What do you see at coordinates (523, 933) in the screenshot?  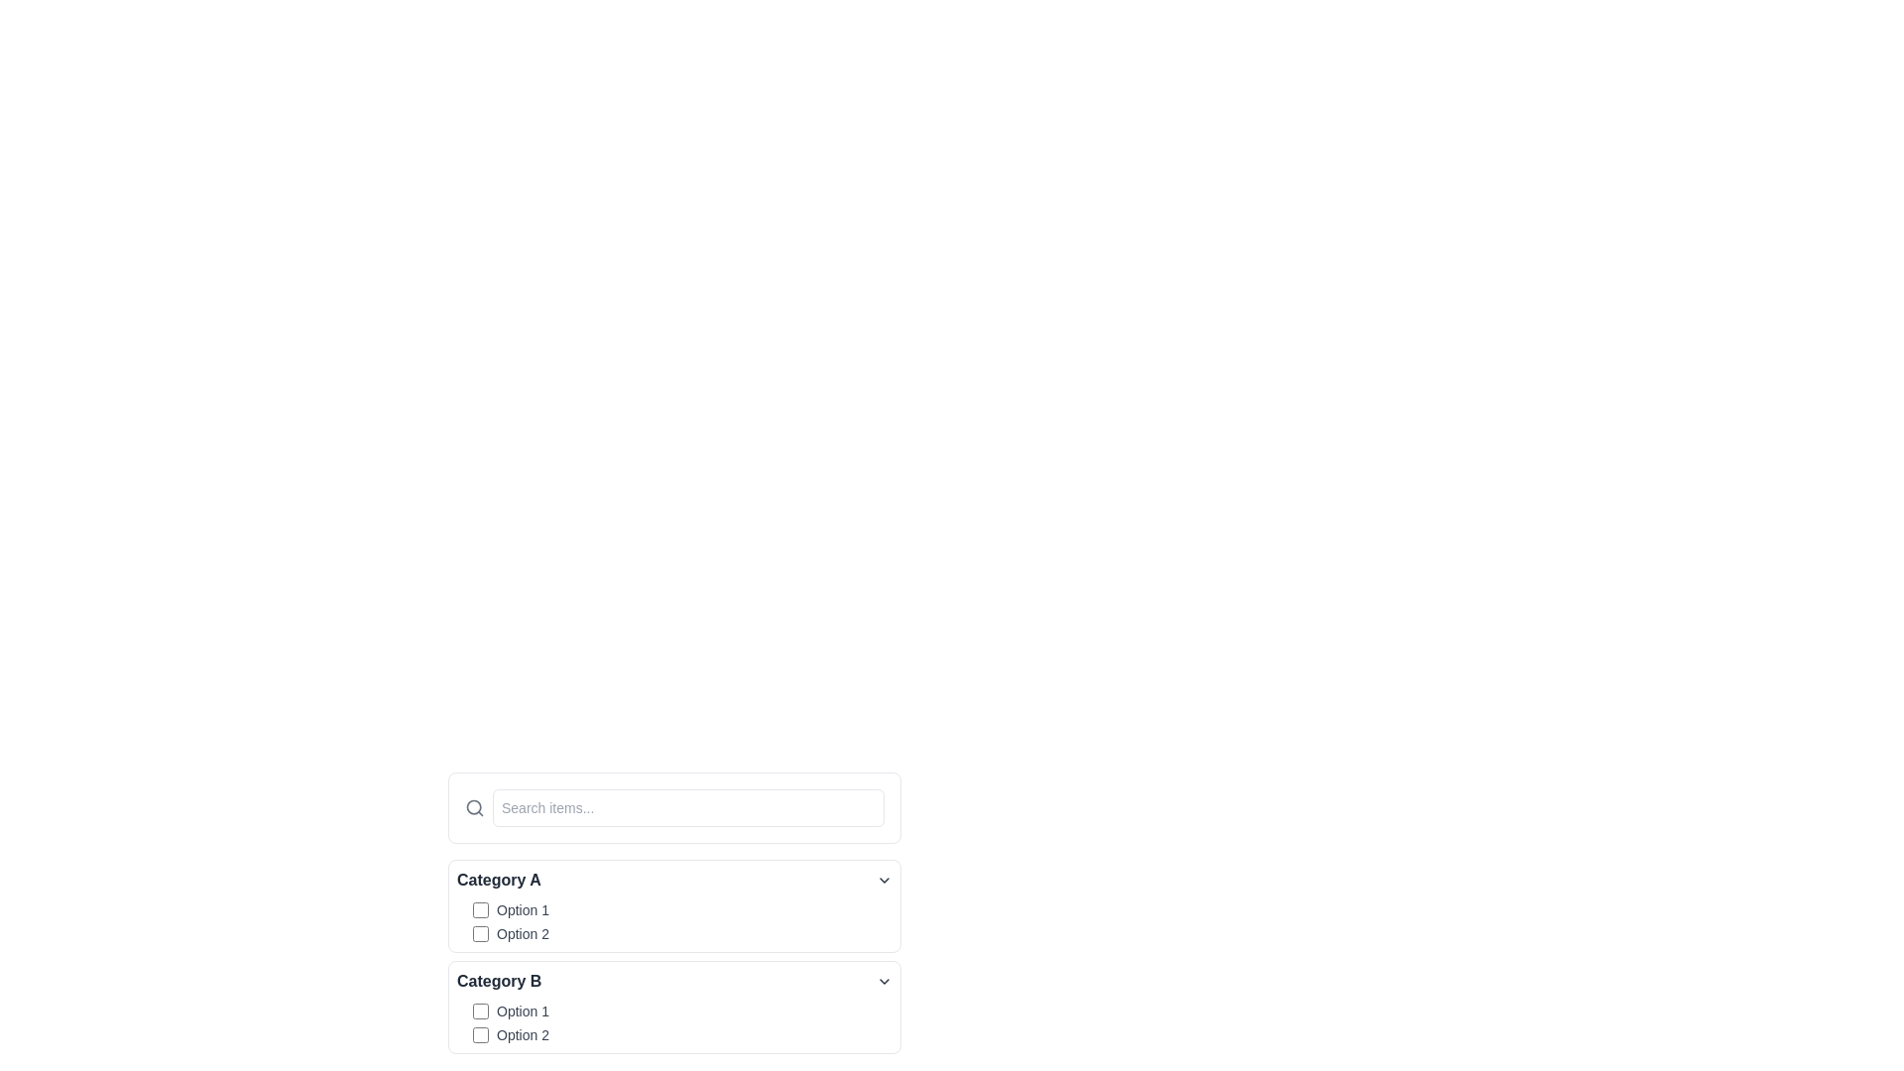 I see `label 'Option 2' which is displayed in light gray font and is located next to a checkbox in the 'Category A' section` at bounding box center [523, 933].